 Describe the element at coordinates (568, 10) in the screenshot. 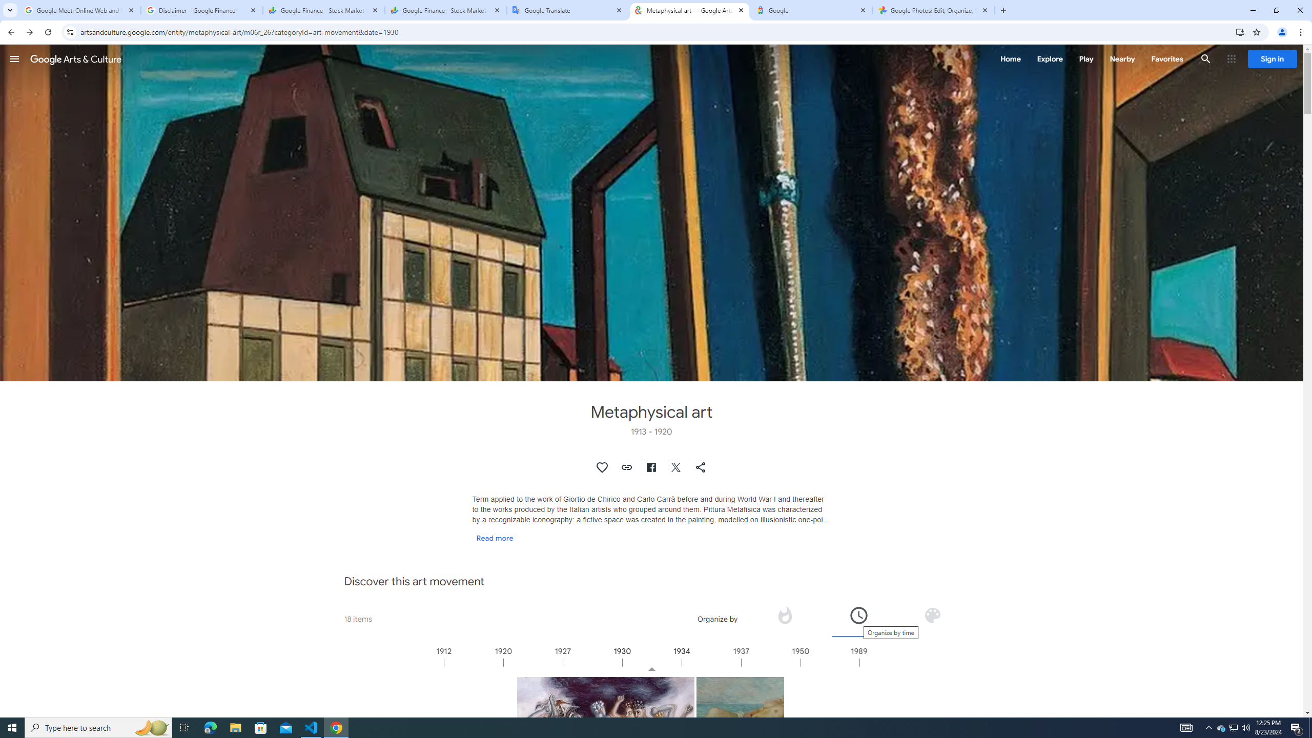

I see `'Google Translate'` at that location.